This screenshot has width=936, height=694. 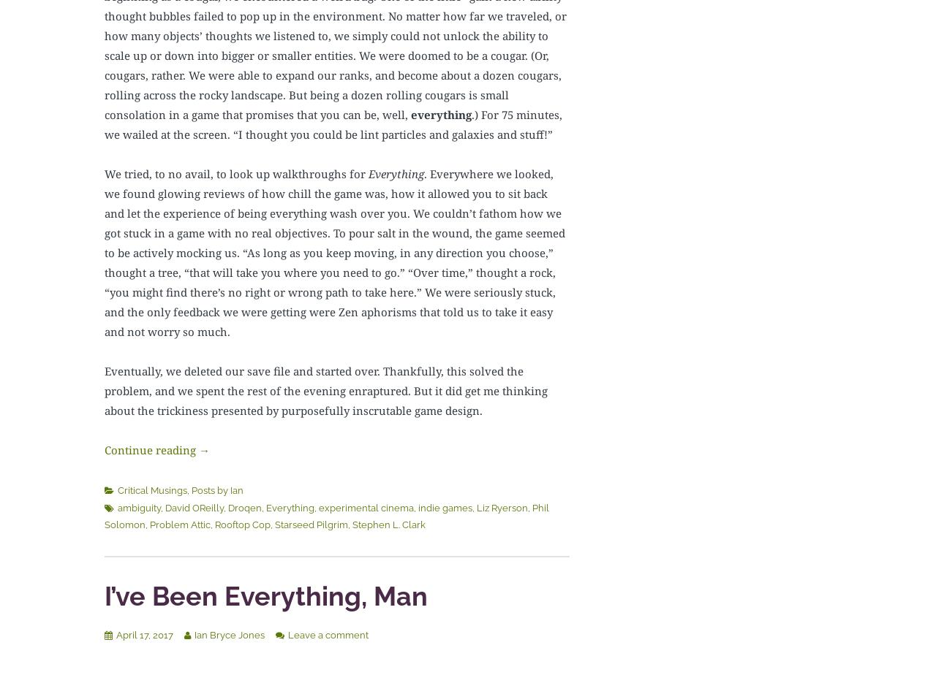 What do you see at coordinates (440, 115) in the screenshot?
I see `'everything'` at bounding box center [440, 115].